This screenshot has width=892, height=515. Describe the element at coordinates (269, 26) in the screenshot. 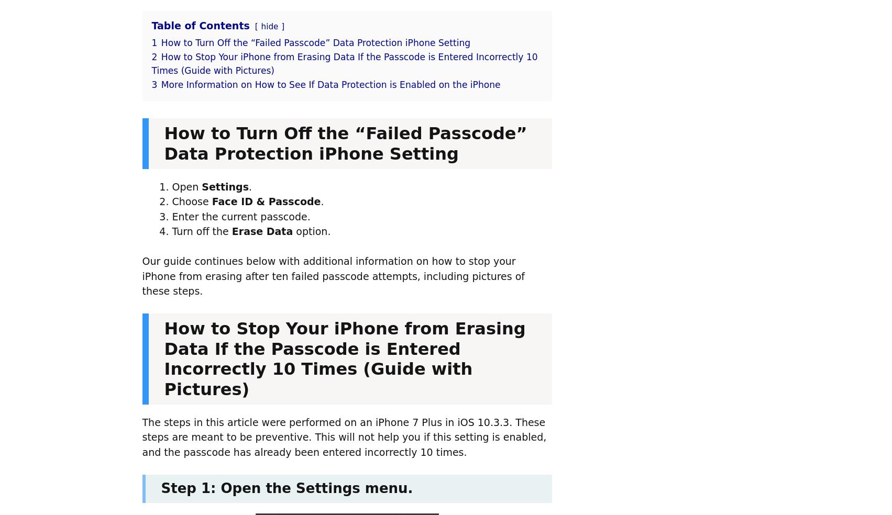

I see `'hide'` at that location.